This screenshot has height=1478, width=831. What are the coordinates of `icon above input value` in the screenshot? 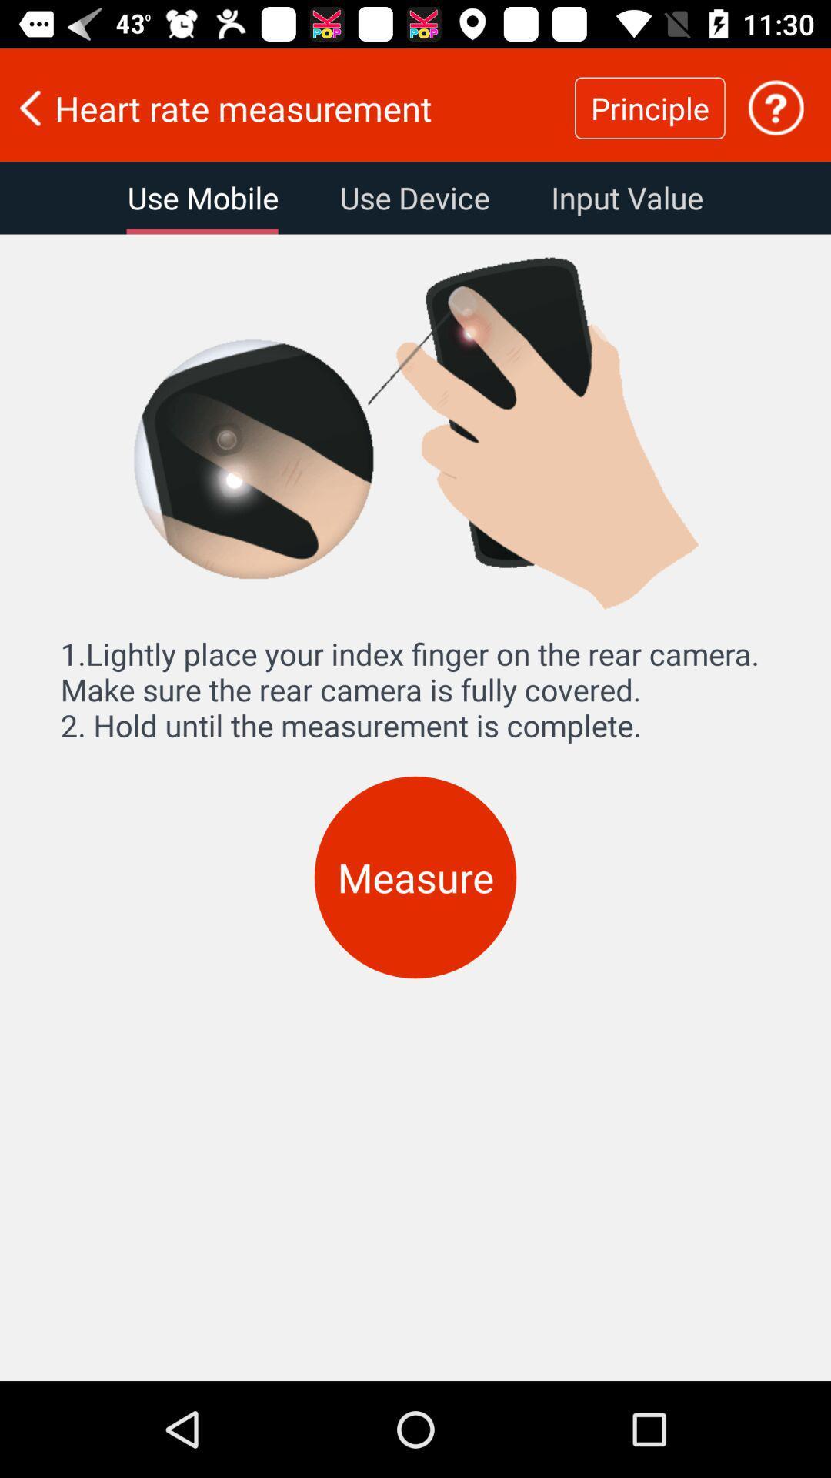 It's located at (776, 107).